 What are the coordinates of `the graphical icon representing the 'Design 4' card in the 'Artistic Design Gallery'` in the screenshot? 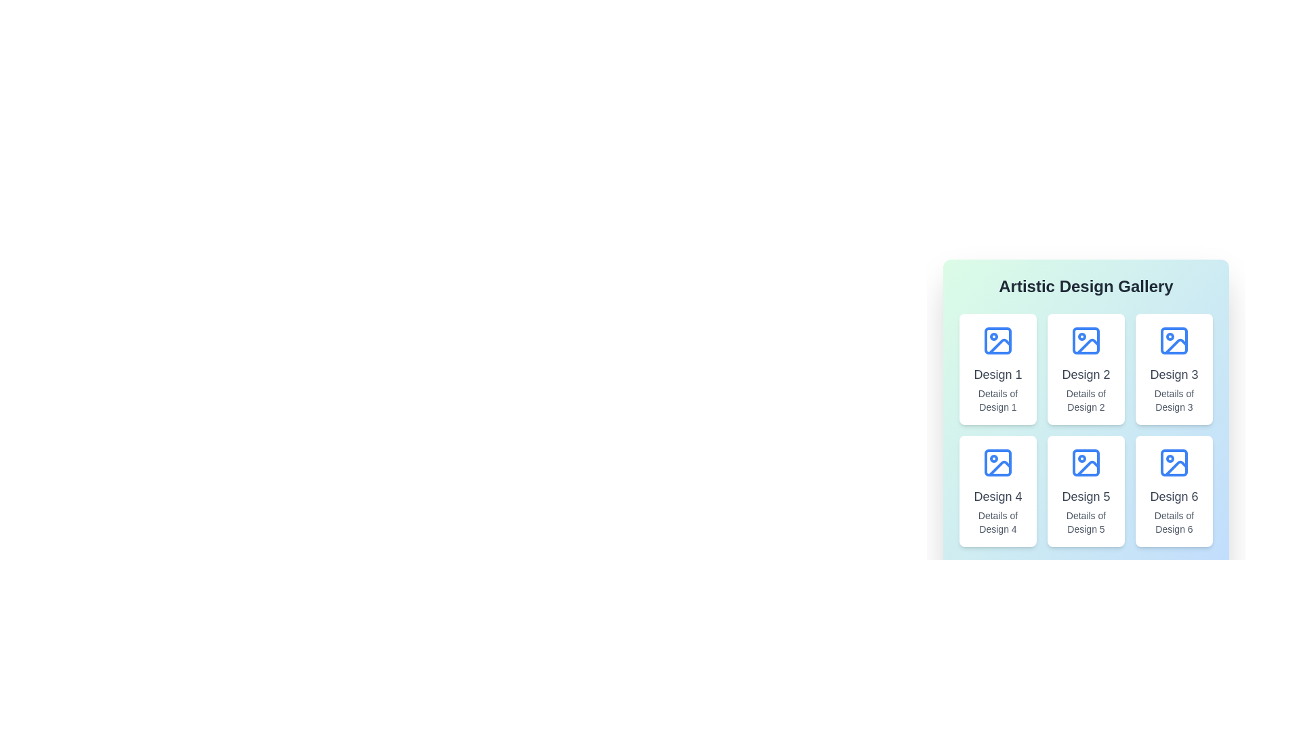 It's located at (998, 462).